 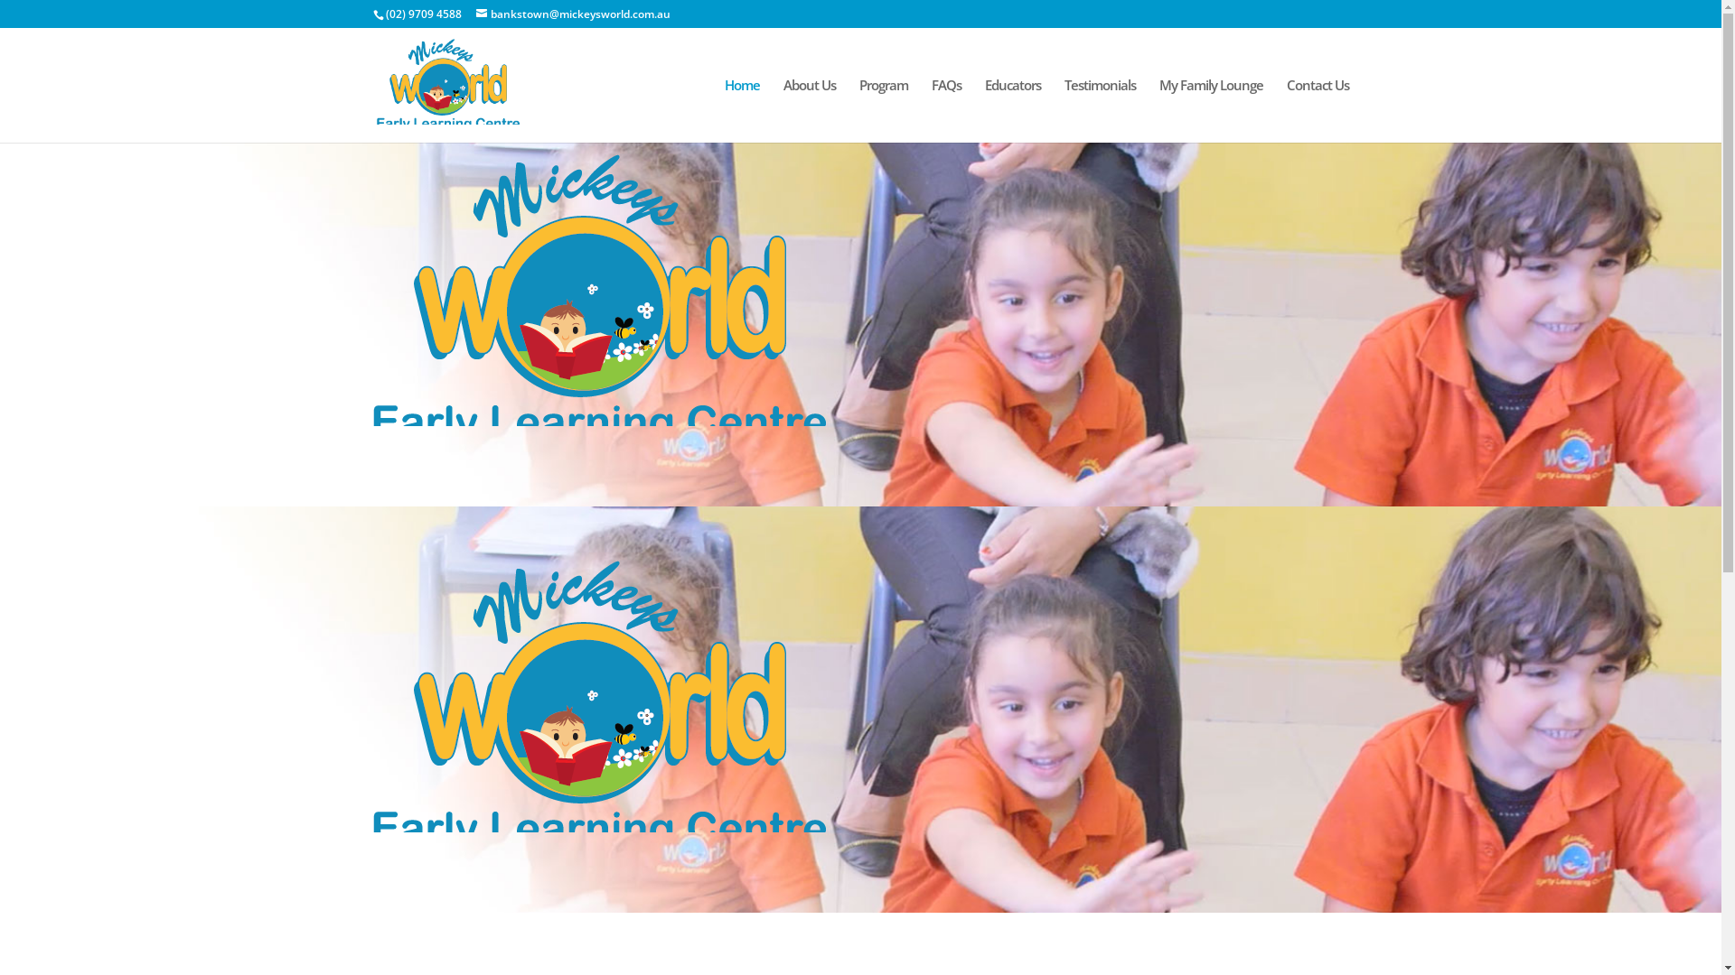 I want to click on 'Contact Us', so click(x=1318, y=110).